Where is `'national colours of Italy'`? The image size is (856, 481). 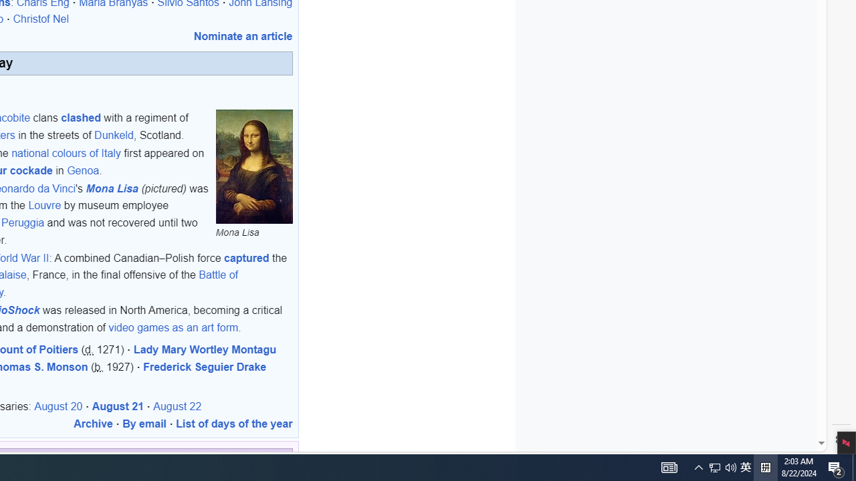 'national colours of Italy' is located at coordinates (65, 153).